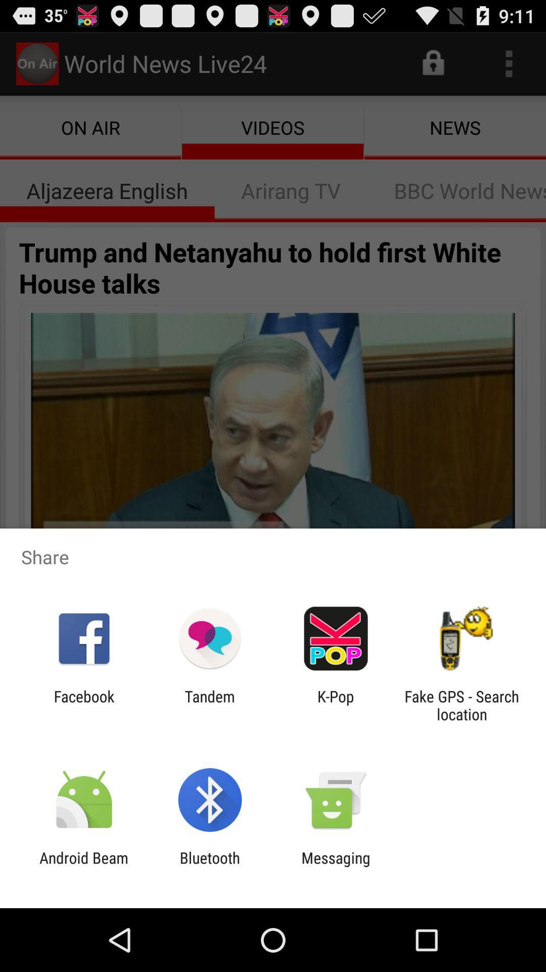 The image size is (546, 972). Describe the element at coordinates (209, 705) in the screenshot. I see `app next to k-pop app` at that location.